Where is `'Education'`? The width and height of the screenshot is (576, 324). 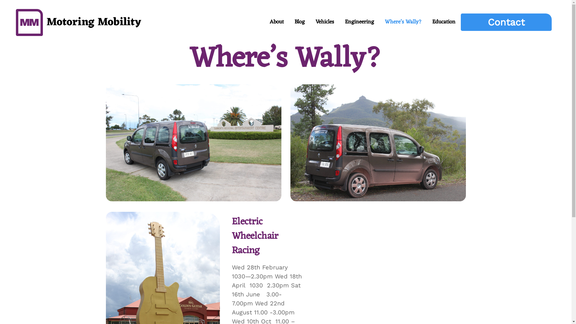 'Education' is located at coordinates (443, 22).